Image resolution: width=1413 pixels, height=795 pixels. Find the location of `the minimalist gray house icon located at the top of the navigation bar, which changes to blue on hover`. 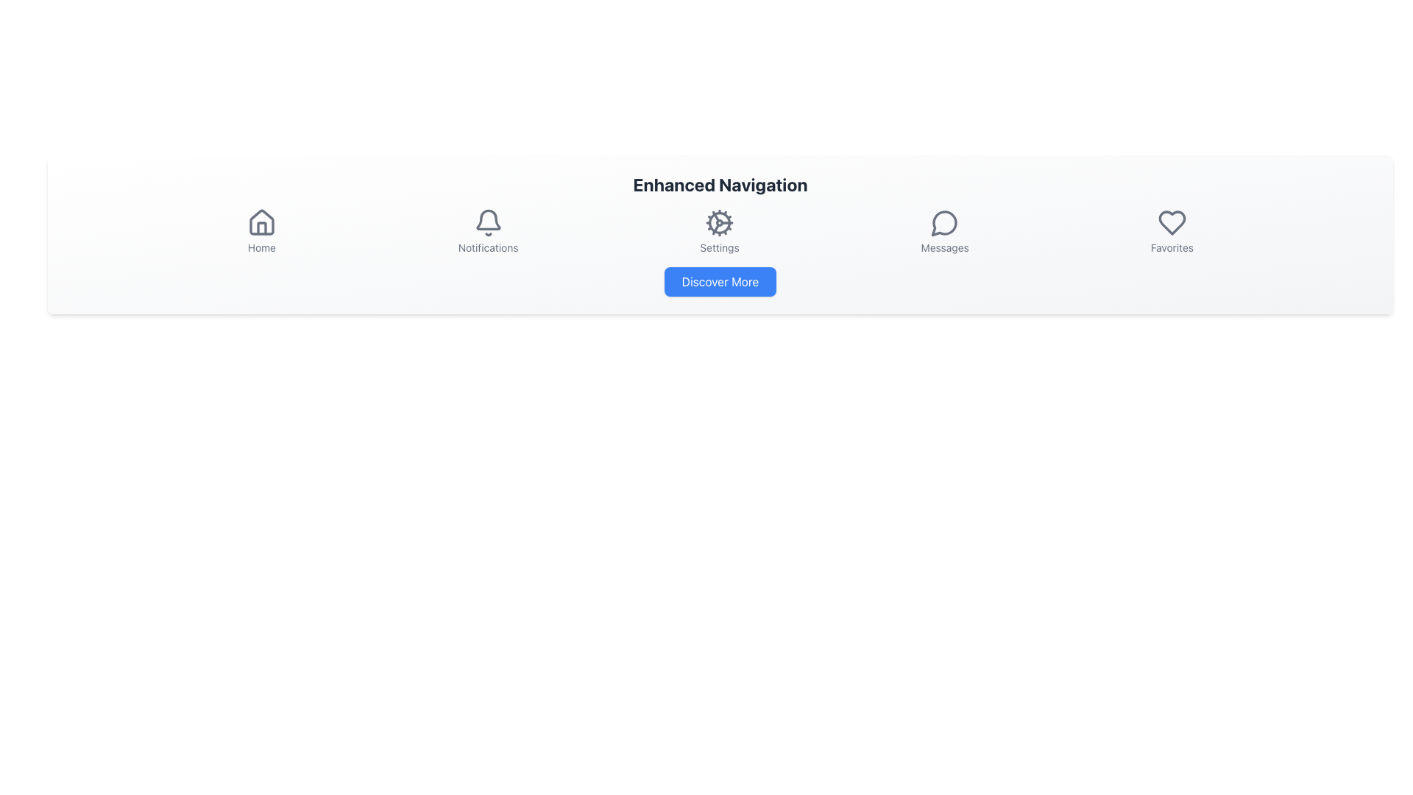

the minimalist gray house icon located at the top of the navigation bar, which changes to blue on hover is located at coordinates (261, 223).